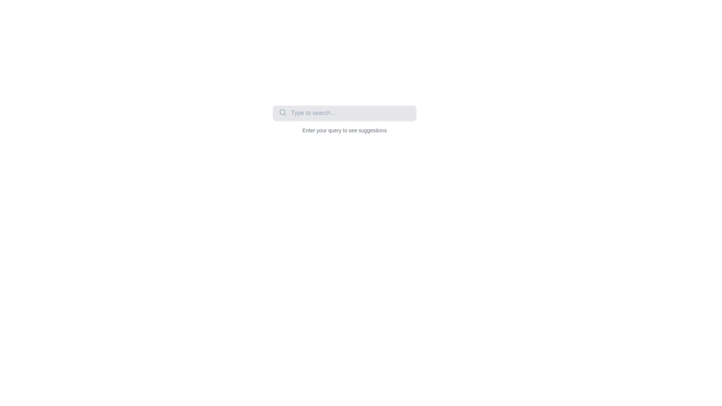 The height and width of the screenshot is (406, 722). What do you see at coordinates (282, 112) in the screenshot?
I see `the circular element at the center of the magnifying glass icon in the search interface` at bounding box center [282, 112].